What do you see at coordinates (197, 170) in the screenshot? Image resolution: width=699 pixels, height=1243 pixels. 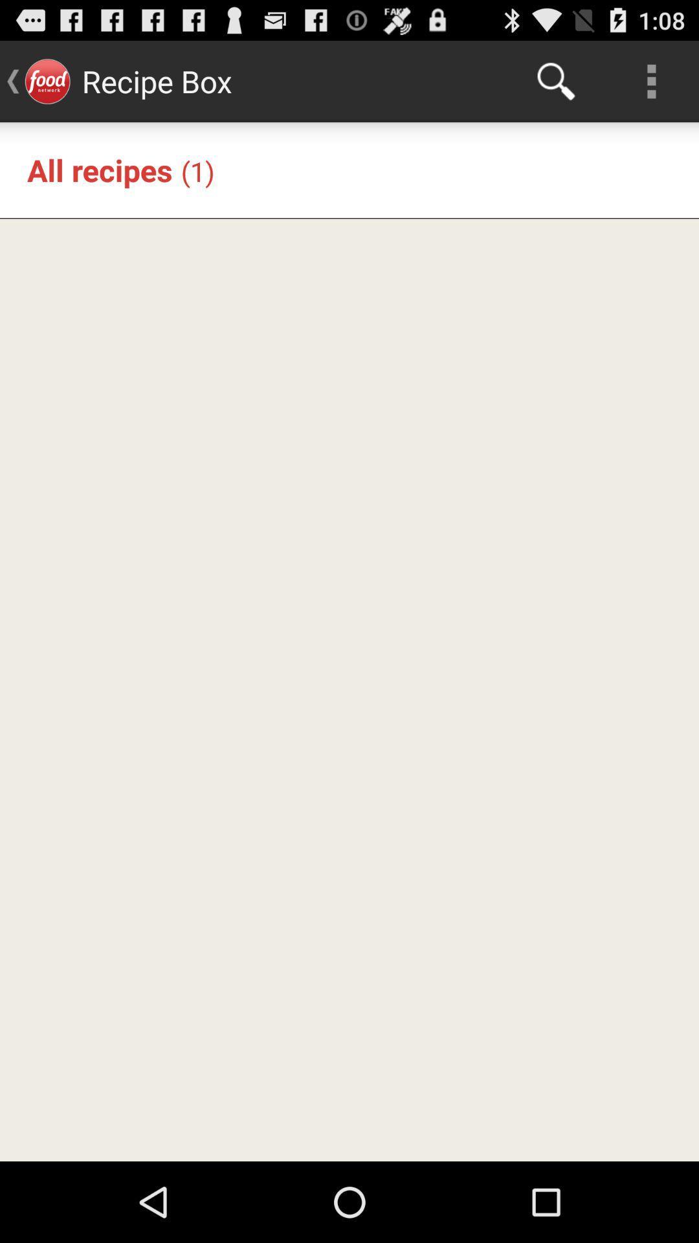 I see `(1)` at bounding box center [197, 170].